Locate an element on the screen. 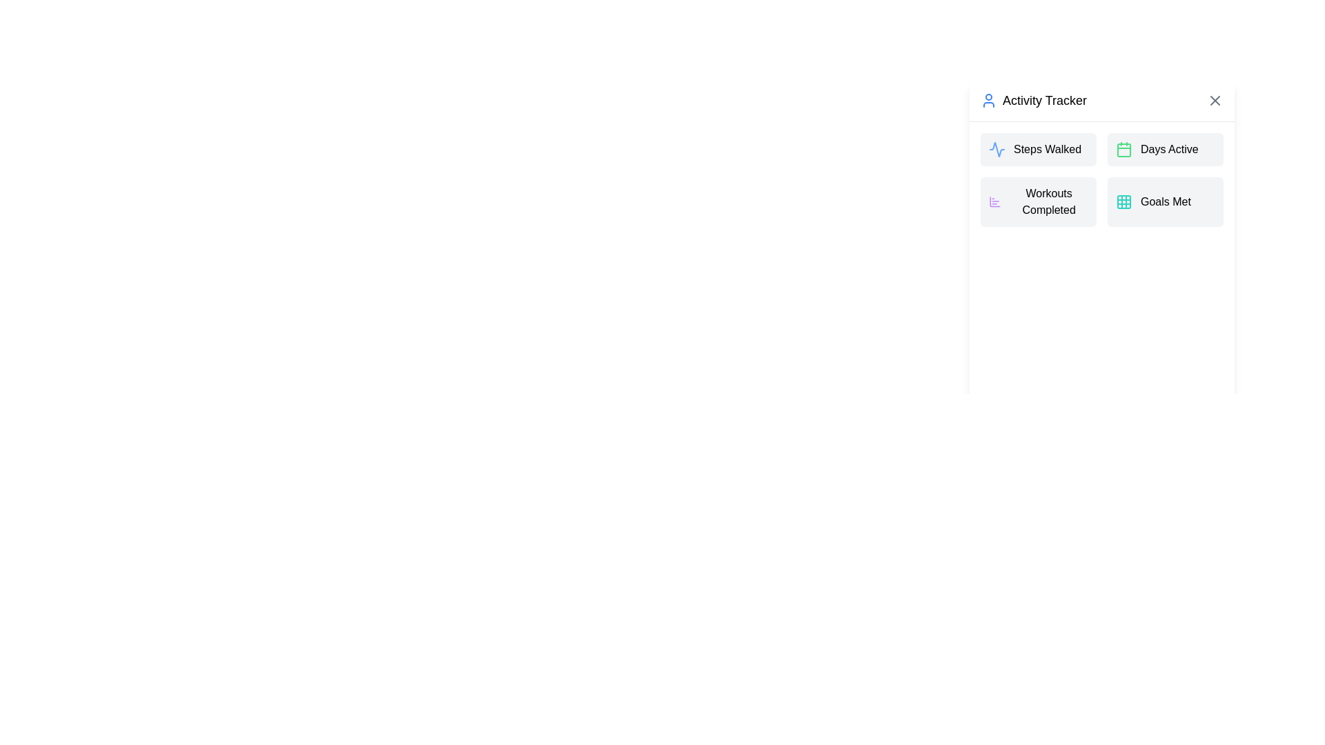 Image resolution: width=1325 pixels, height=745 pixels. the 'Steps Walked' information tile located in the top-left corner of the activity tracker grid is located at coordinates (1039, 149).